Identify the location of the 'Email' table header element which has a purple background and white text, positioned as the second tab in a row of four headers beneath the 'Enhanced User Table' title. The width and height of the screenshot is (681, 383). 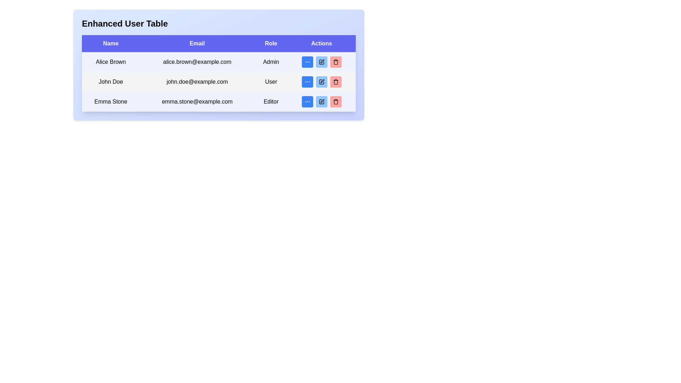
(197, 44).